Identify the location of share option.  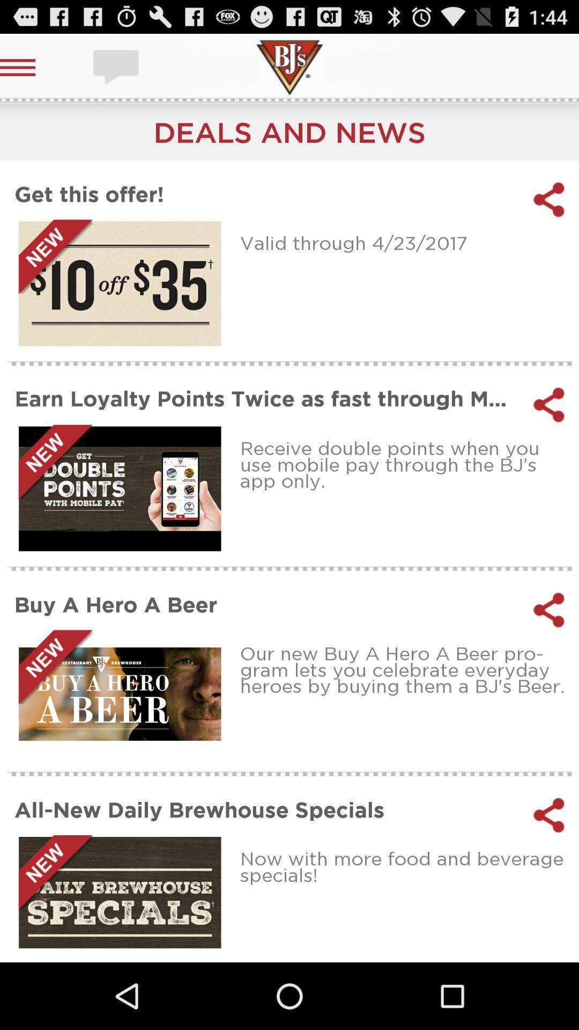
(549, 815).